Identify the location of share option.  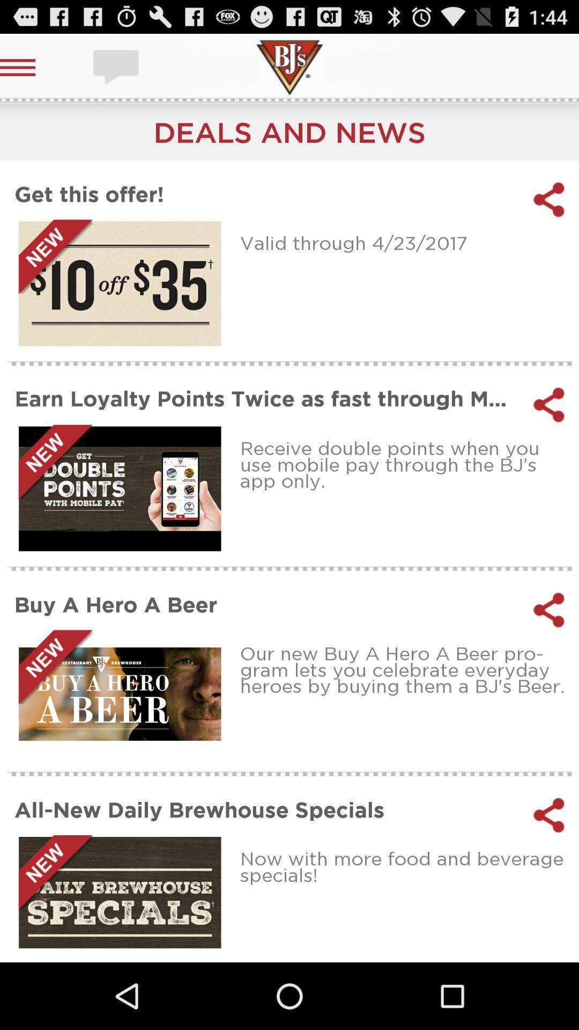
(549, 815).